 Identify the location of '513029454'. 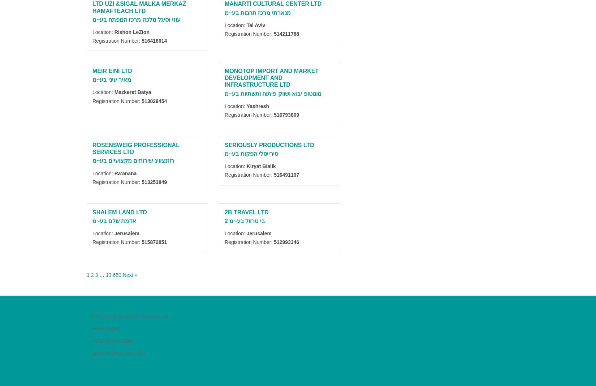
(154, 100).